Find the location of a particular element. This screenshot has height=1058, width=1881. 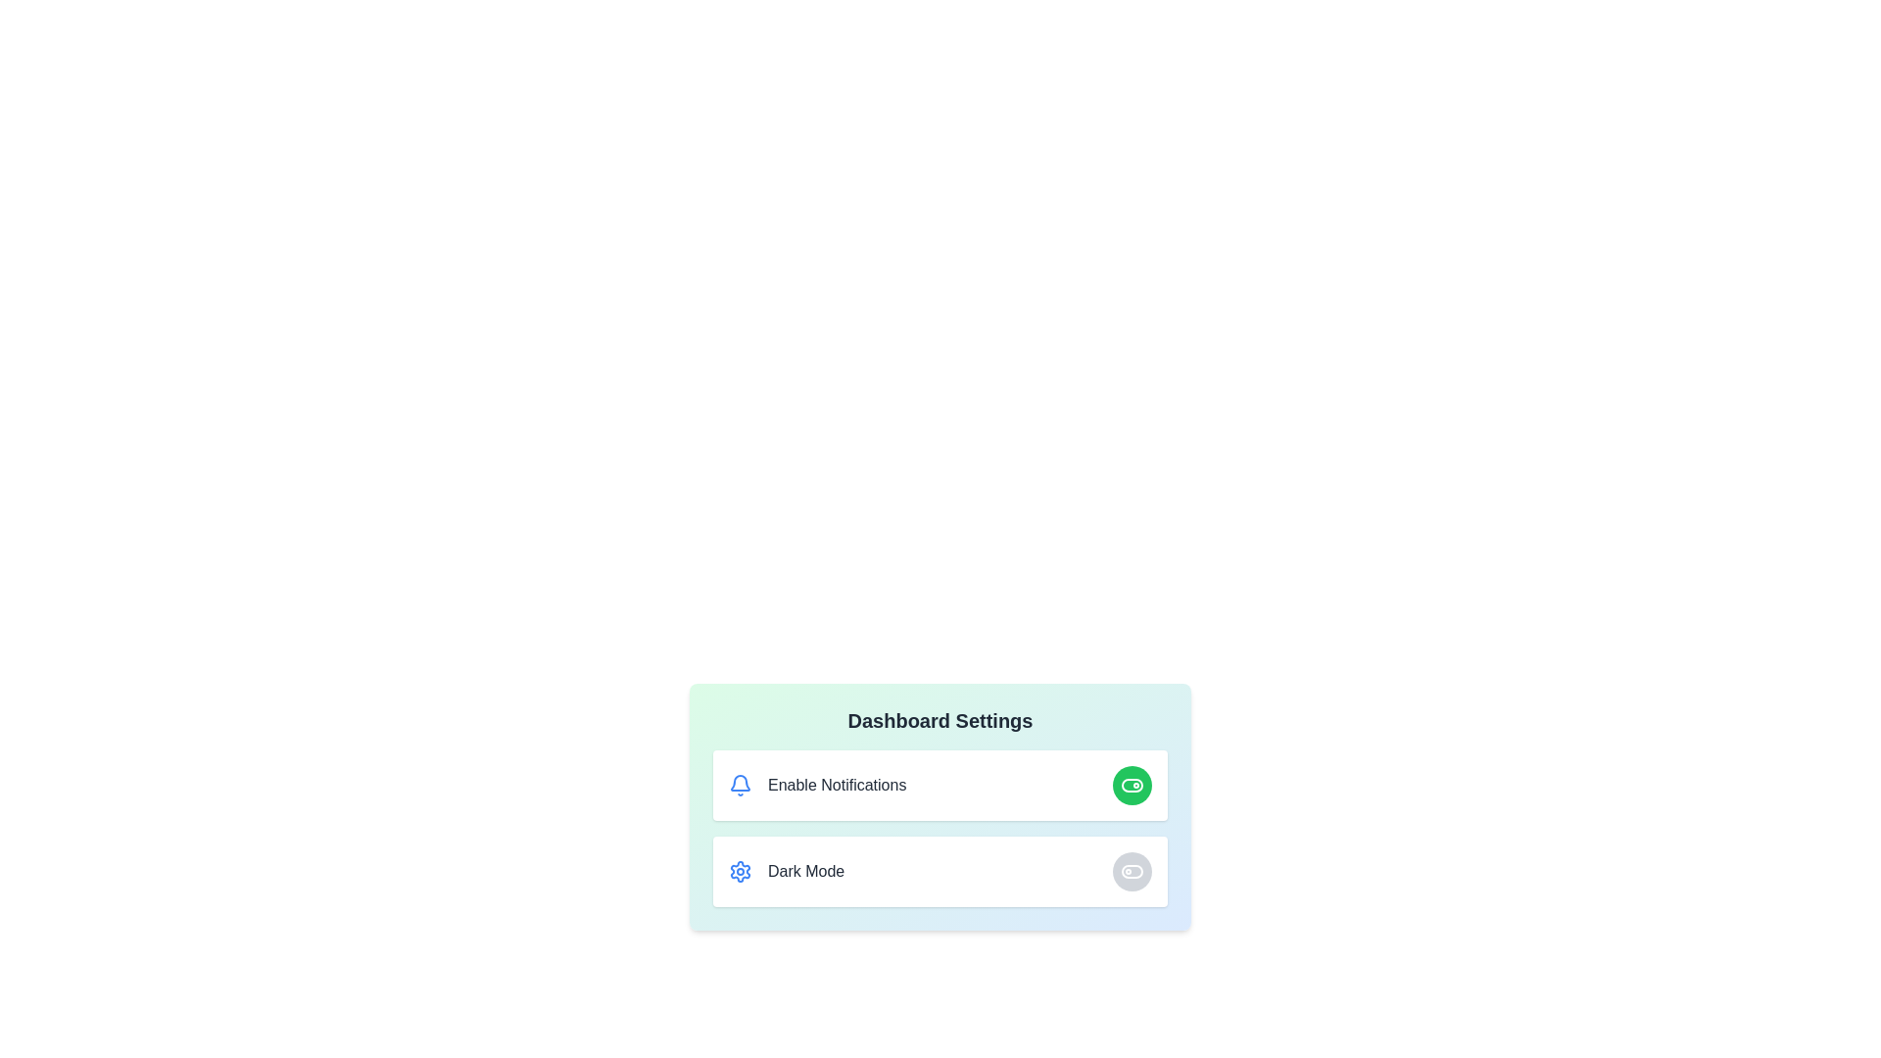

the 'Enable Notifications' text label is located at coordinates (837, 785).